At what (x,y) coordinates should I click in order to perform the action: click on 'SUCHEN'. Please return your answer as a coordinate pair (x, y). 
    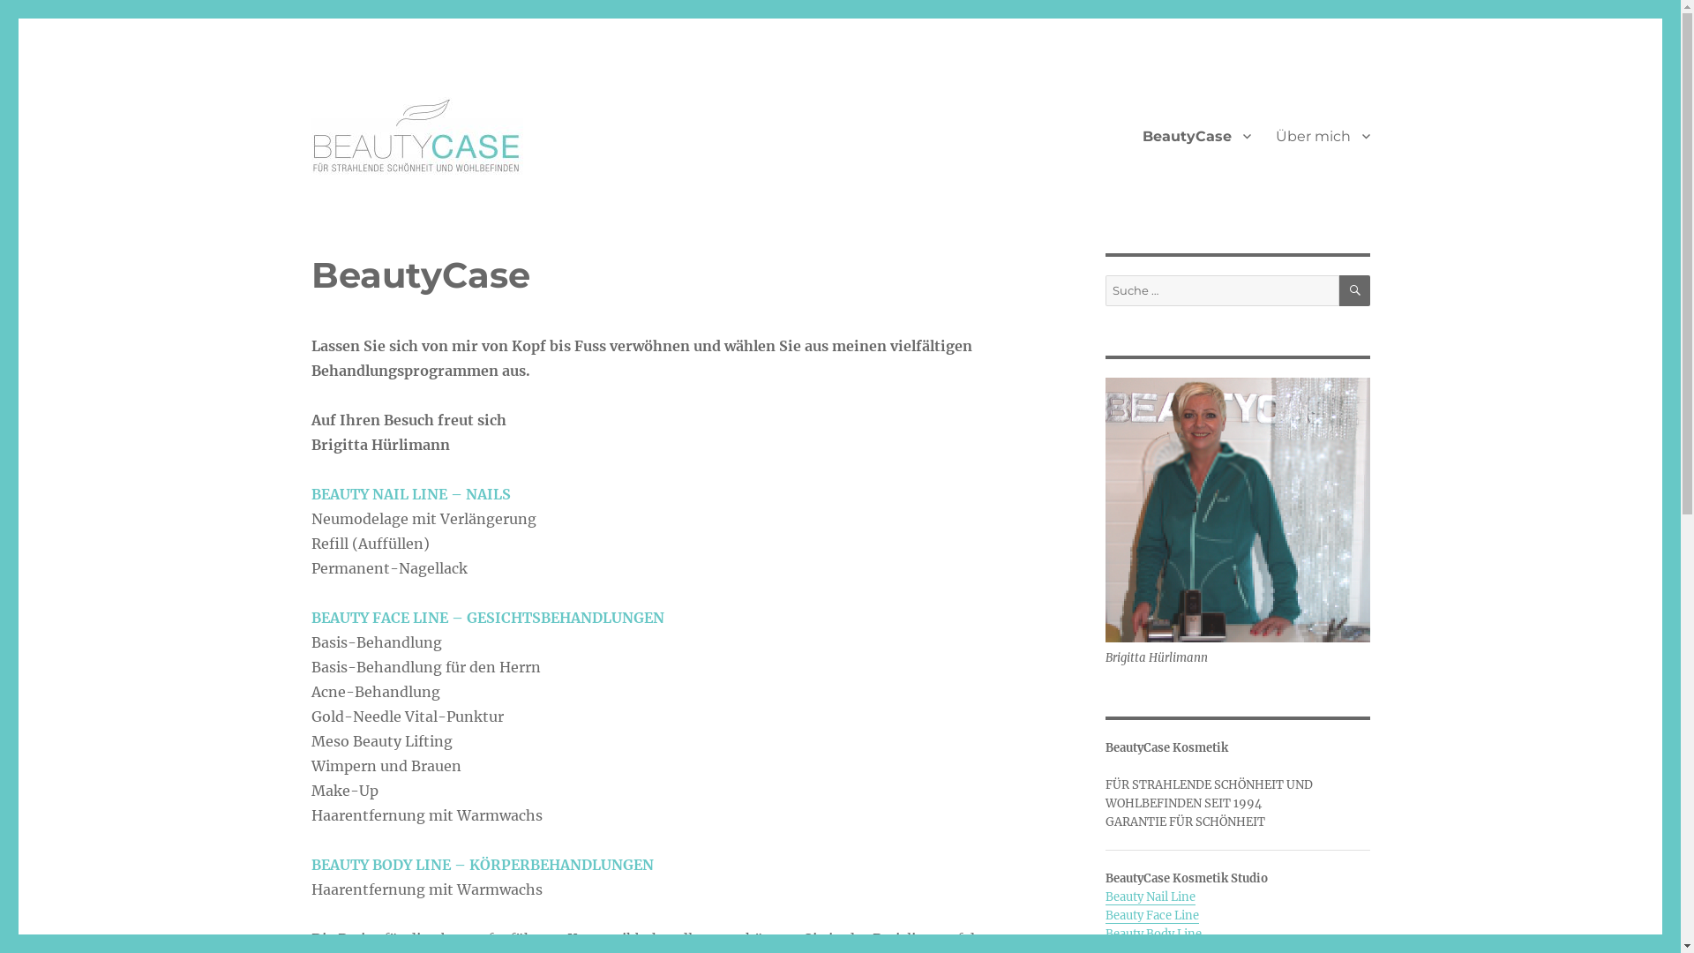
    Looking at the image, I should click on (1353, 289).